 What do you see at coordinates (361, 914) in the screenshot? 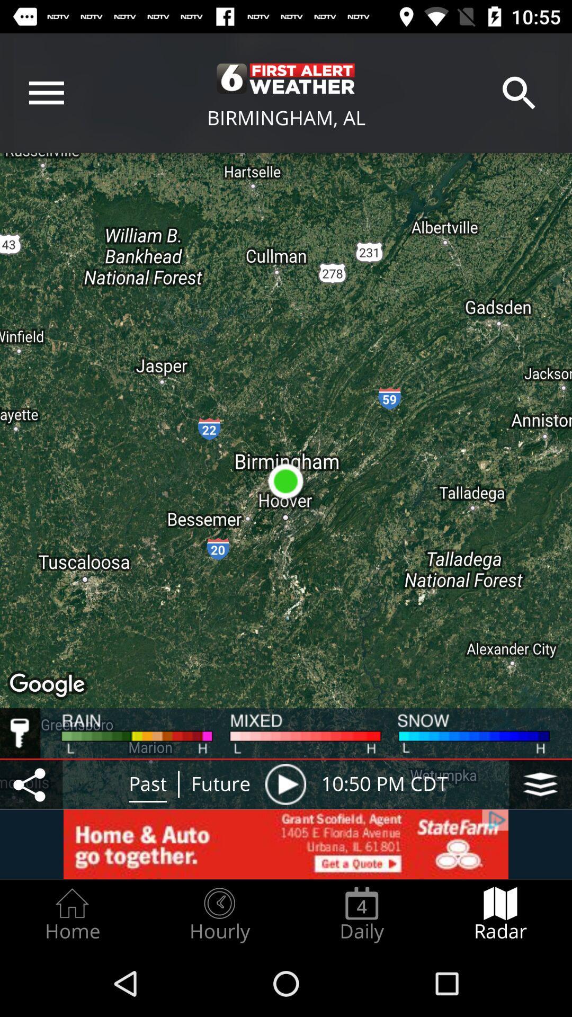
I see `icon to the left of radar radio button` at bounding box center [361, 914].